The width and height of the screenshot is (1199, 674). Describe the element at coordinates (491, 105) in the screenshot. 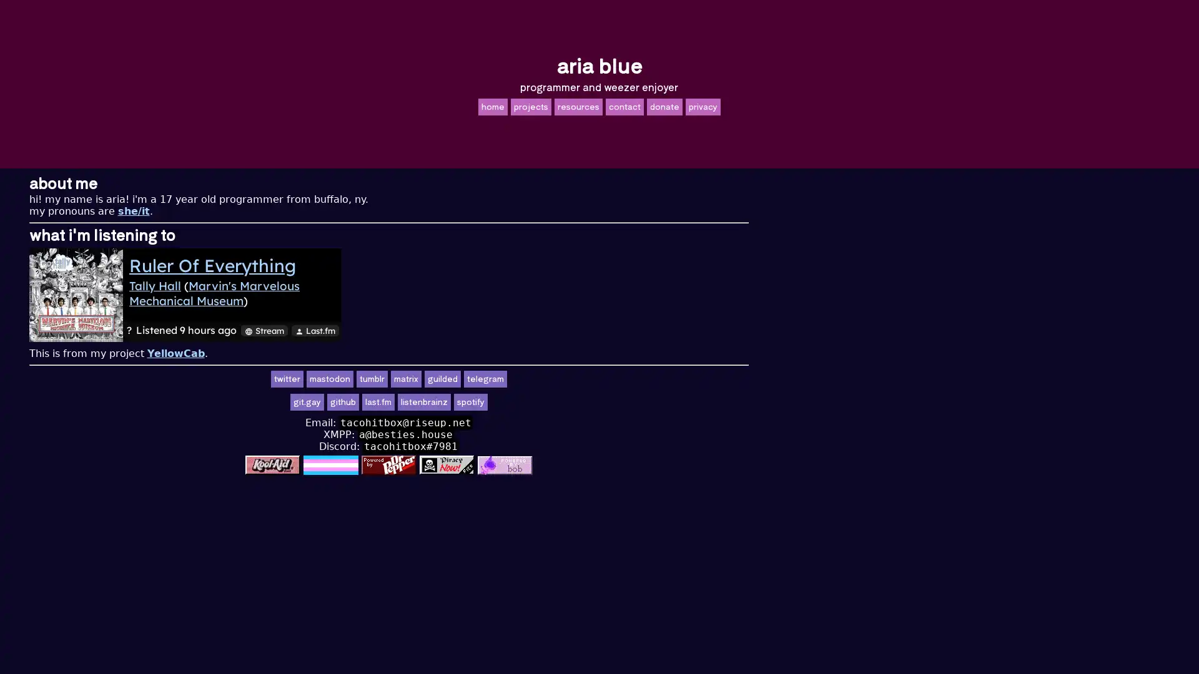

I see `home` at that location.